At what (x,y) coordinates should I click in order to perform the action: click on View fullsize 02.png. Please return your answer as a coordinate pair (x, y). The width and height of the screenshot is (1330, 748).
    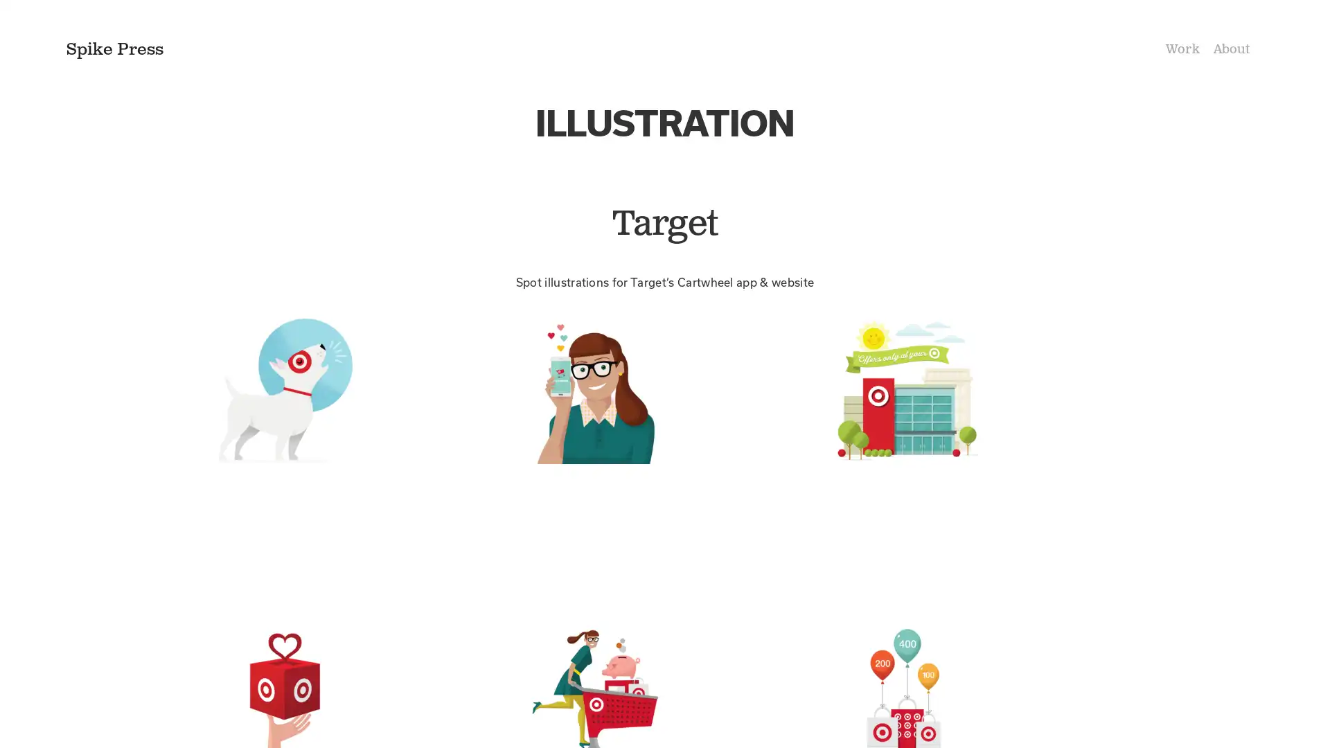
    Looking at the image, I should click on (664, 457).